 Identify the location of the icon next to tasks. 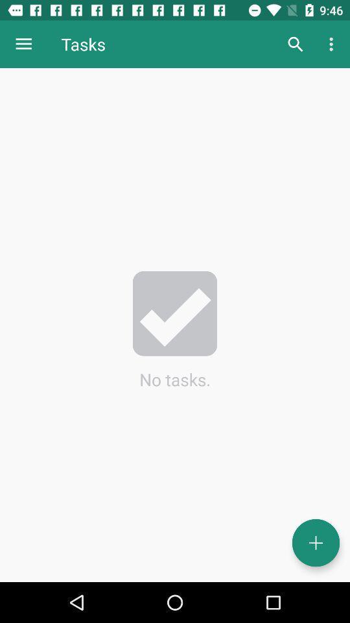
(23, 44).